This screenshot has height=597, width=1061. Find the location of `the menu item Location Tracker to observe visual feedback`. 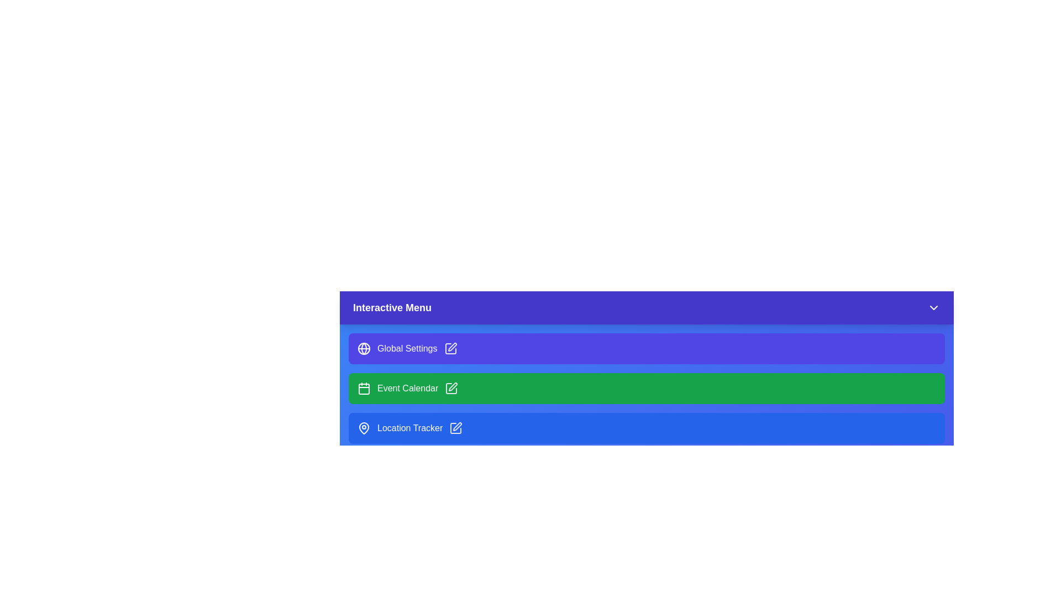

the menu item Location Tracker to observe visual feedback is located at coordinates (647, 428).